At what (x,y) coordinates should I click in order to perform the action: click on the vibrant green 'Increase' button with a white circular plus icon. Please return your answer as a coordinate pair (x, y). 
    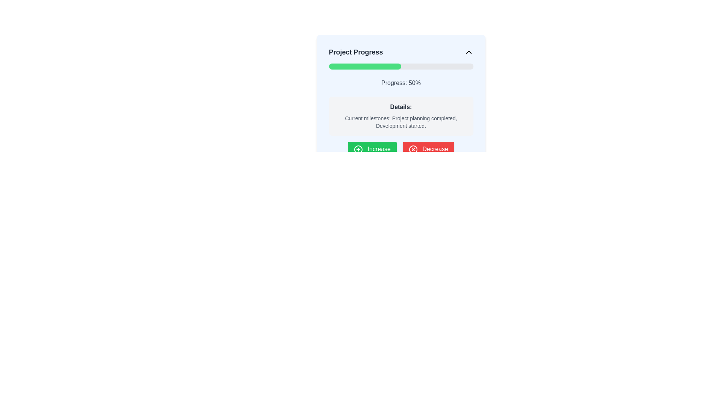
    Looking at the image, I should click on (372, 149).